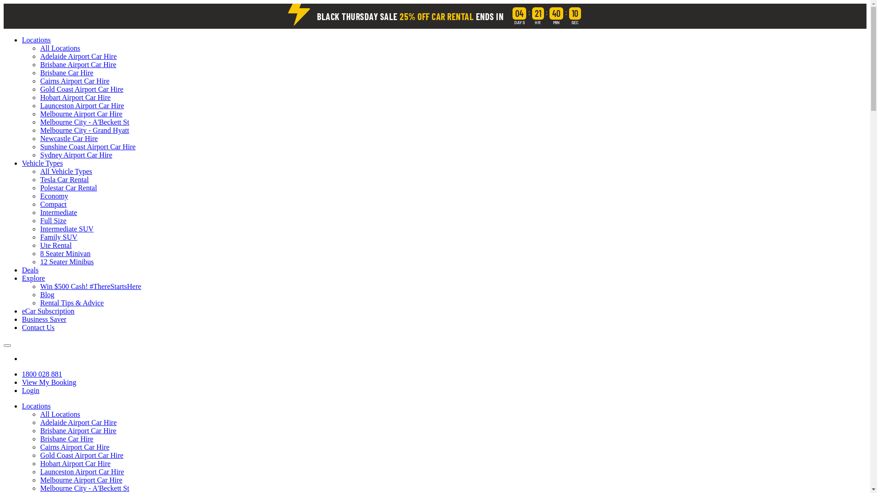 The width and height of the screenshot is (877, 493). I want to click on 'Polestar Car Rental', so click(68, 187).